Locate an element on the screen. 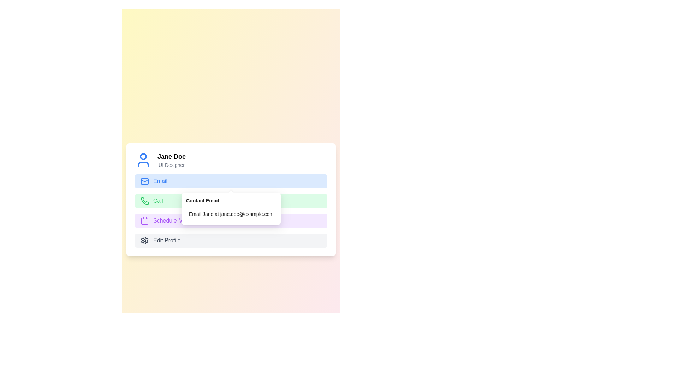 This screenshot has height=381, width=678. the scheduling icon located in the third row, preceding the 'Schedule Meeting' text is located at coordinates (144, 220).